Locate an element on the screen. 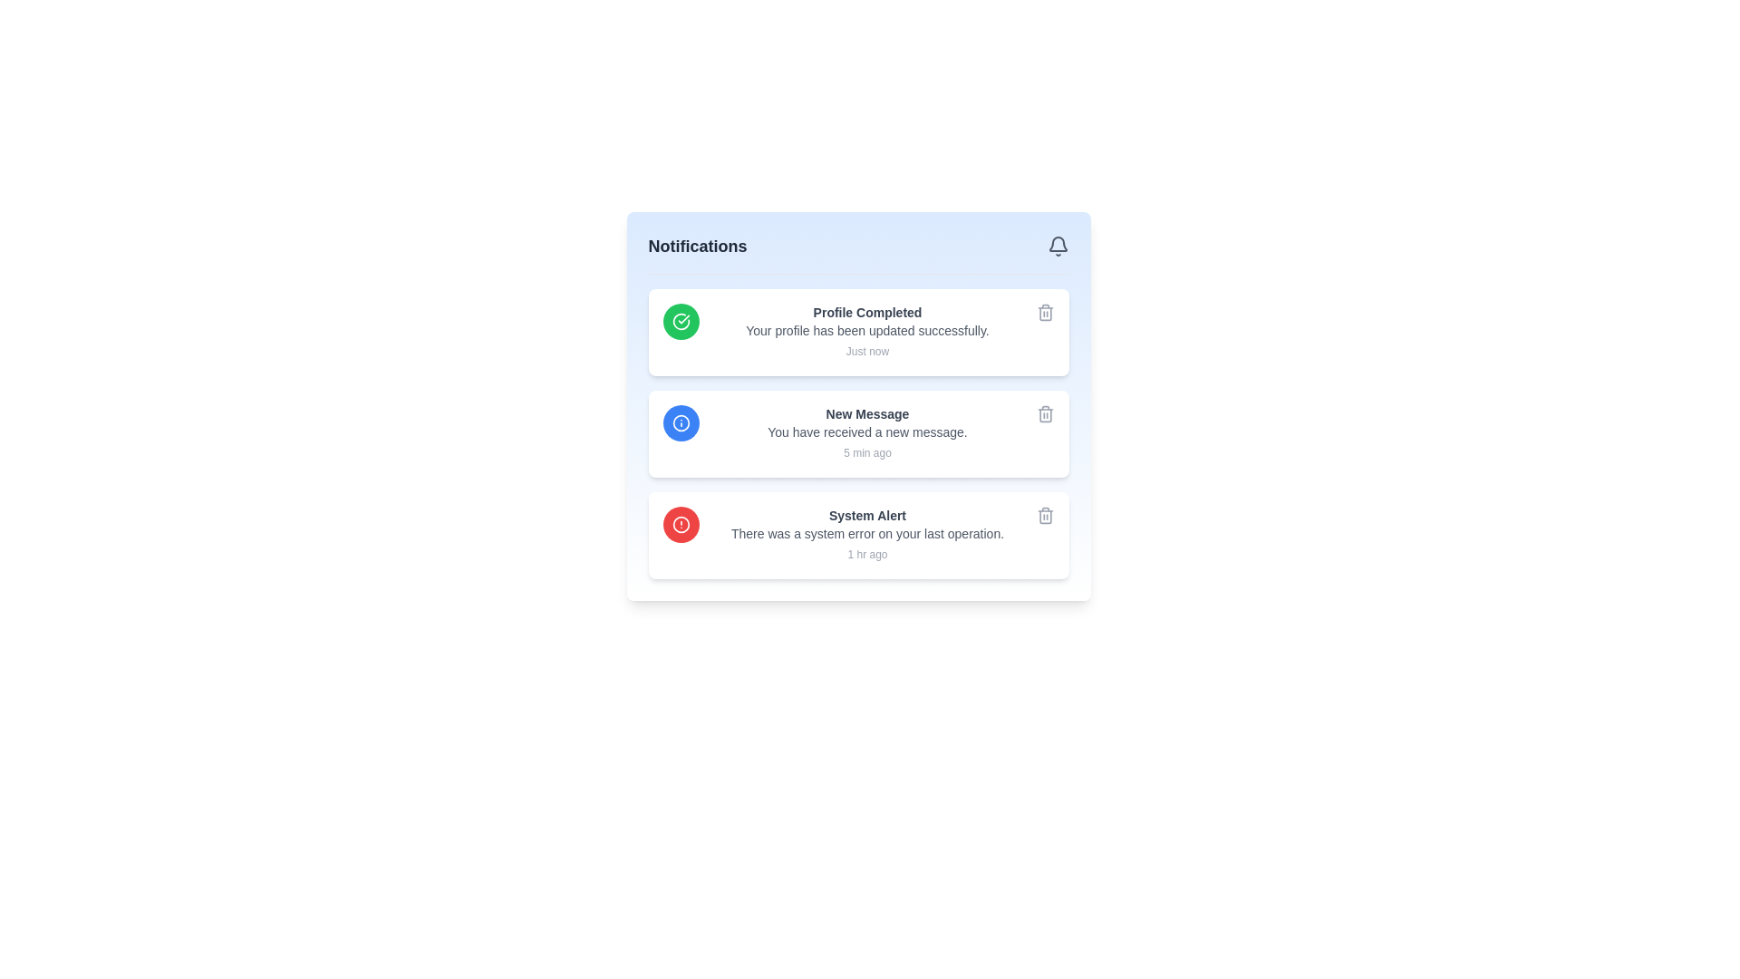 This screenshot has width=1740, height=979. the trash icon button located at the rightmost side of the 'New Message' notification is located at coordinates (1045, 413).